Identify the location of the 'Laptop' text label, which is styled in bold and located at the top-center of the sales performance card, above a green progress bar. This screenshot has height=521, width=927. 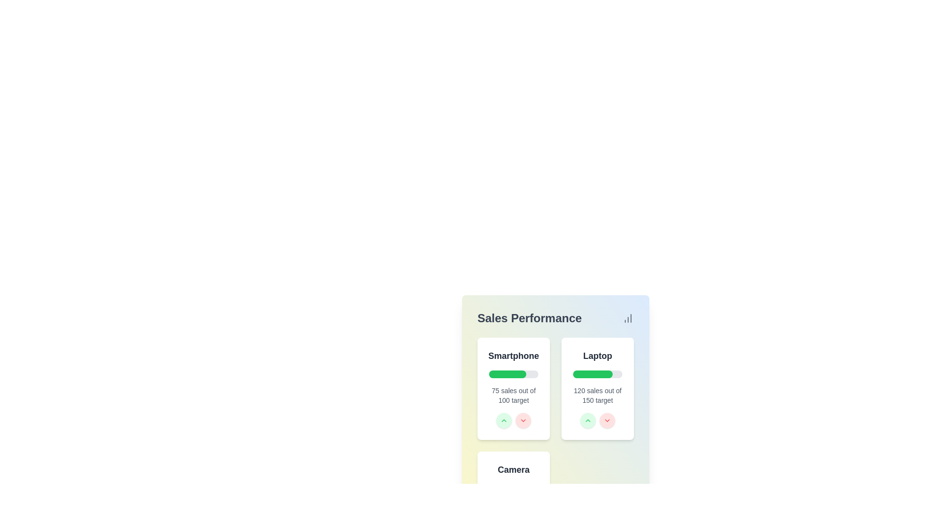
(597, 356).